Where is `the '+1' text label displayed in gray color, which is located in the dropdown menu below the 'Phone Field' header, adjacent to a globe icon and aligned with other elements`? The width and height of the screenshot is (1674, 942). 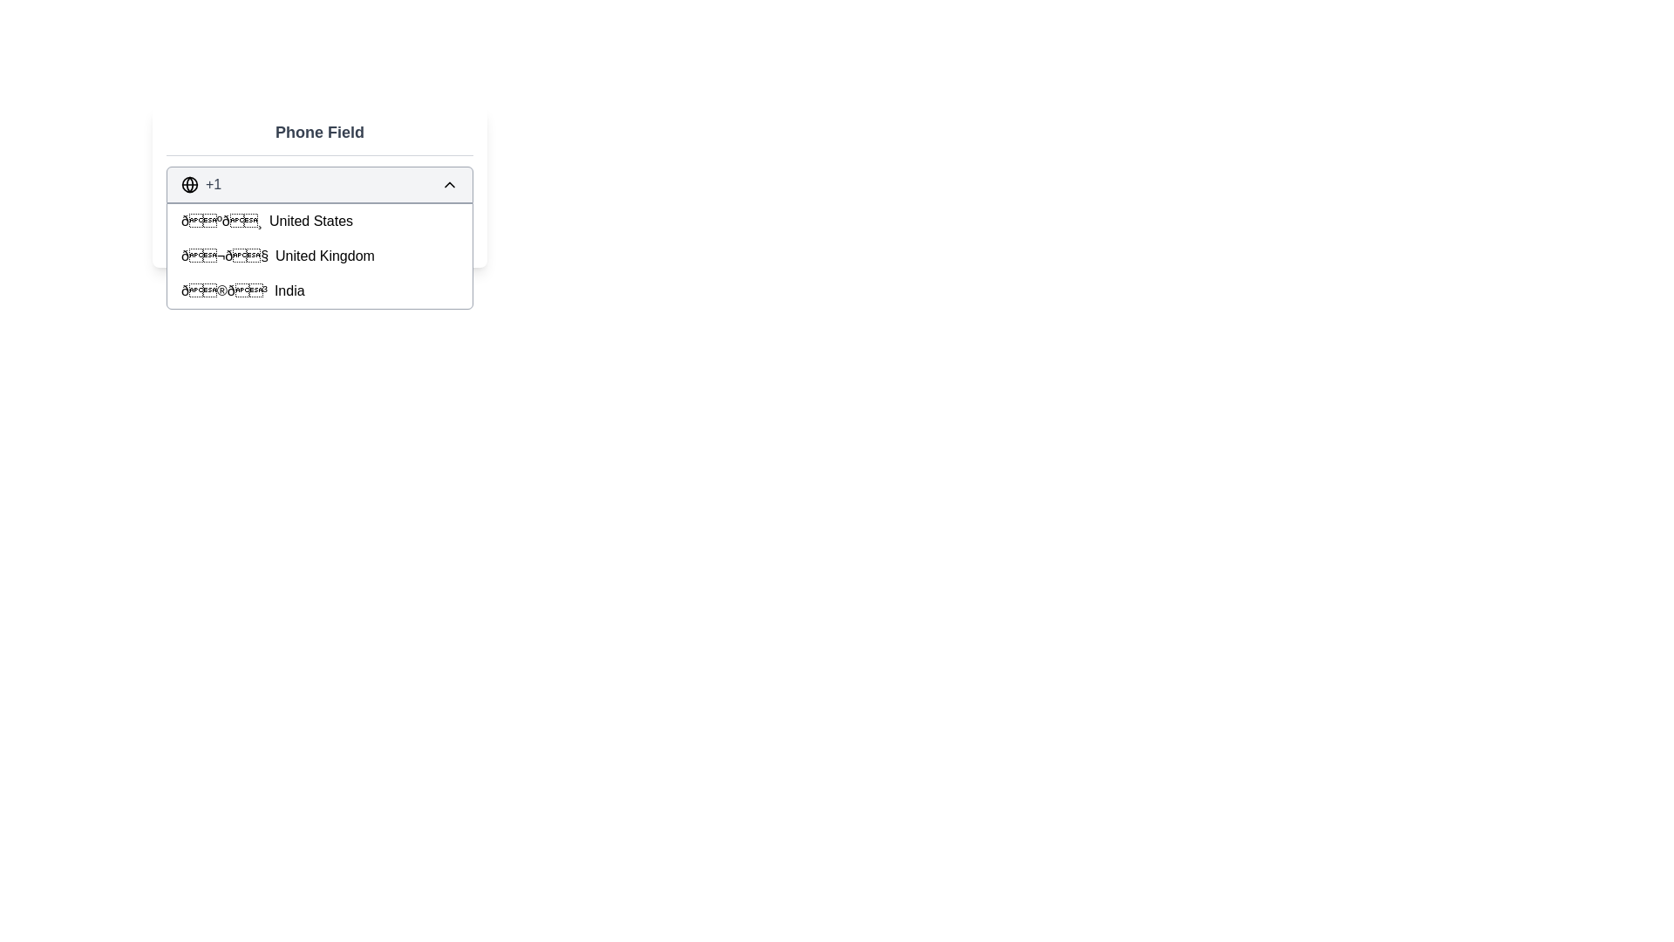
the '+1' text label displayed in gray color, which is located in the dropdown menu below the 'Phone Field' header, adjacent to a globe icon and aligned with other elements is located at coordinates (213, 185).